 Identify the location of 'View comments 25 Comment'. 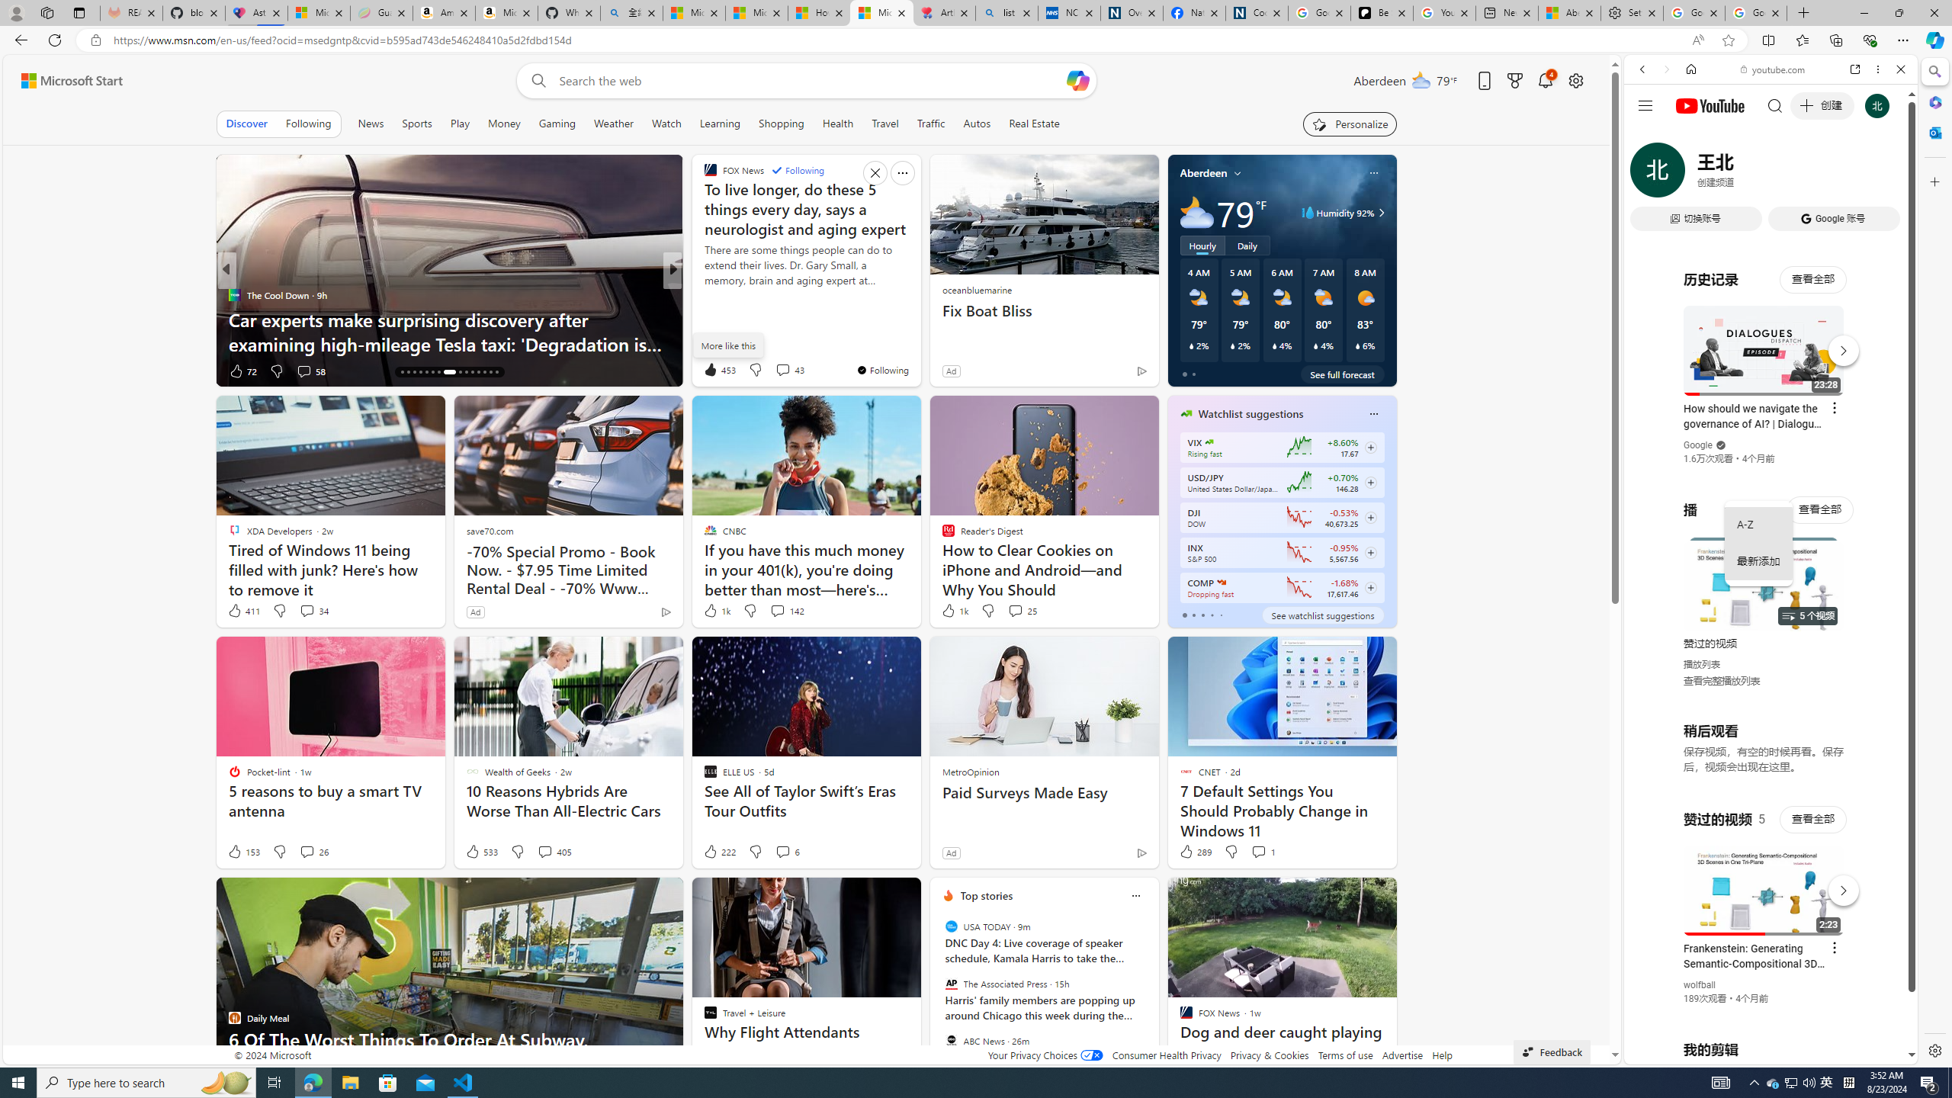
(1022, 610).